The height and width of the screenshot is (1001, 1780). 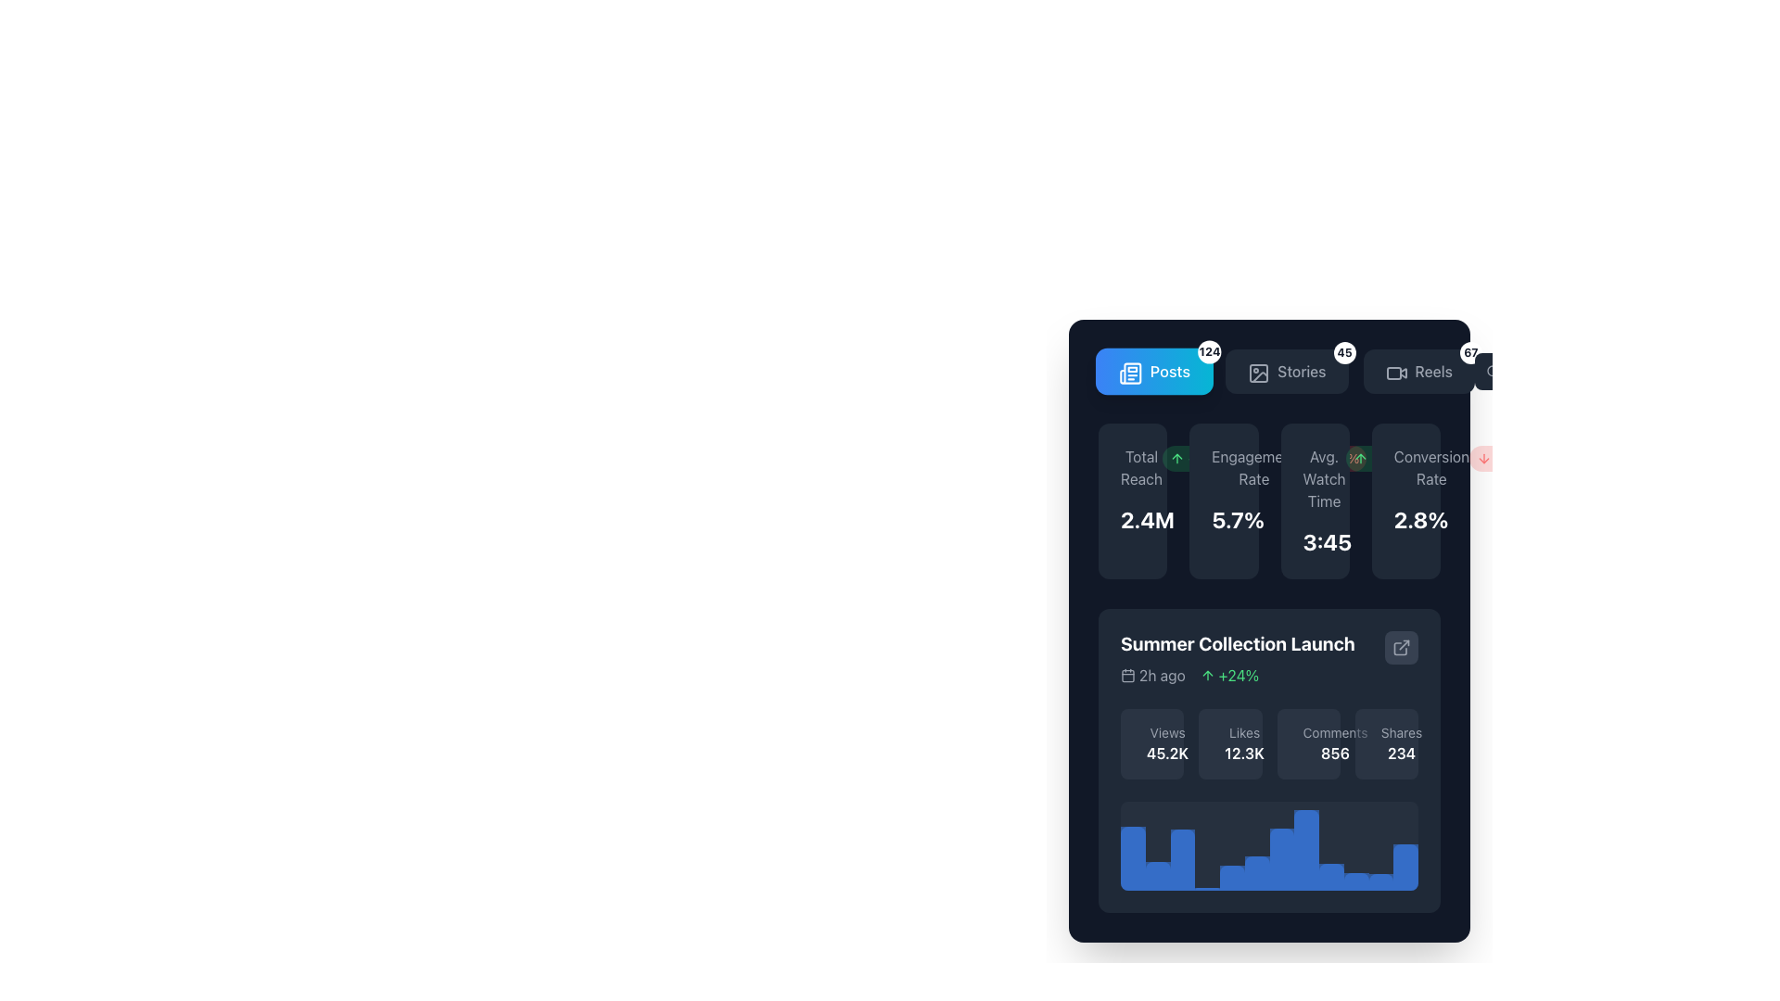 What do you see at coordinates (1129, 374) in the screenshot?
I see `the newspaper icon button located in the navigation bar at the top-left` at bounding box center [1129, 374].